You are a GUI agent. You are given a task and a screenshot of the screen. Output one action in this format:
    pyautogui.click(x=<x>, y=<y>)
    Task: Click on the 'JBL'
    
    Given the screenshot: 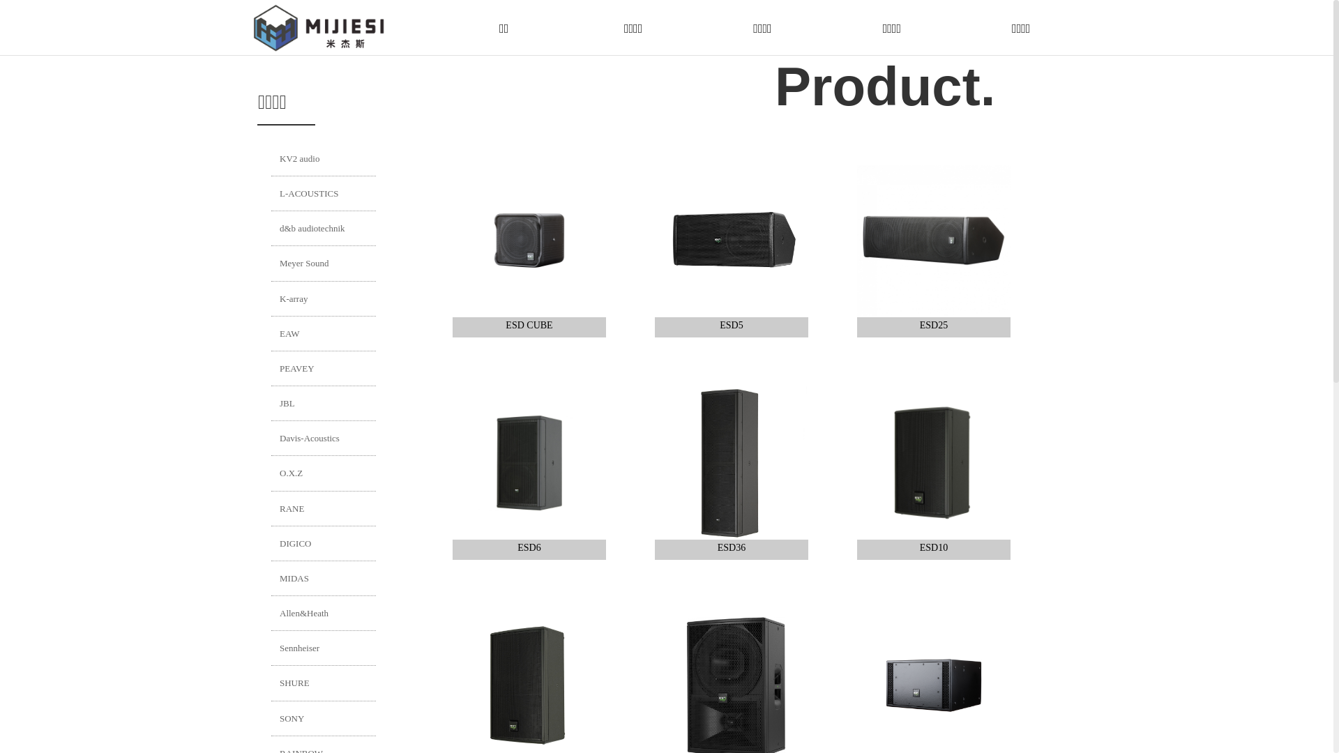 What is the action you would take?
    pyautogui.click(x=323, y=403)
    